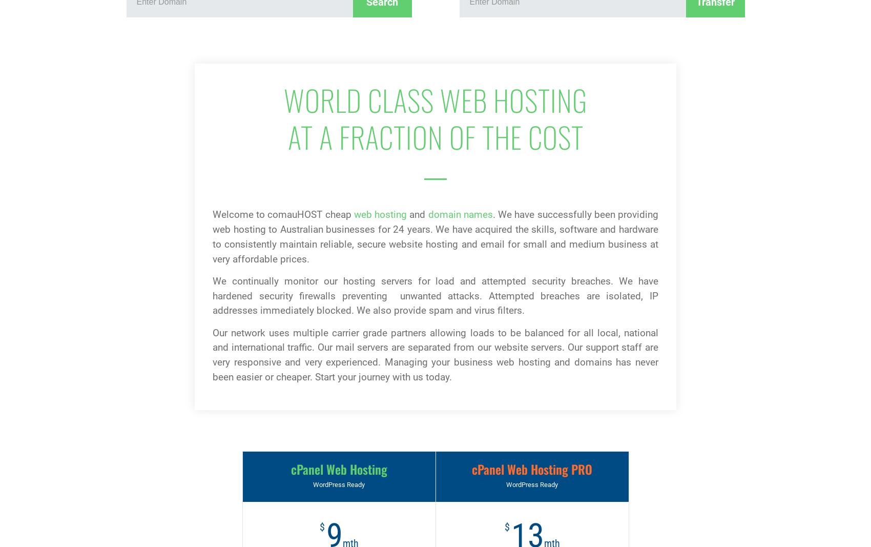 This screenshot has width=871, height=547. What do you see at coordinates (472, 469) in the screenshot?
I see `'cPanel Web Hosting PRO'` at bounding box center [472, 469].